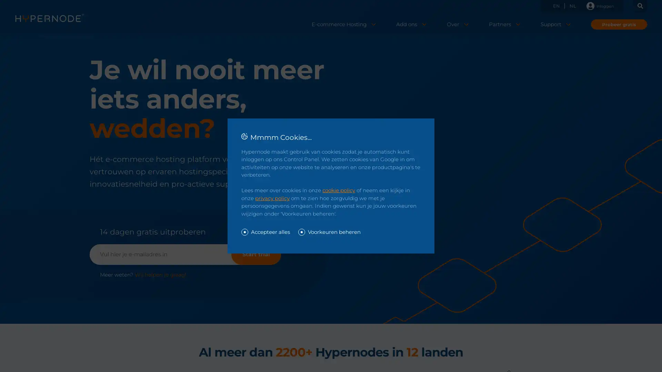 The height and width of the screenshot is (372, 662). What do you see at coordinates (265, 232) in the screenshot?
I see `Accepteer alles` at bounding box center [265, 232].